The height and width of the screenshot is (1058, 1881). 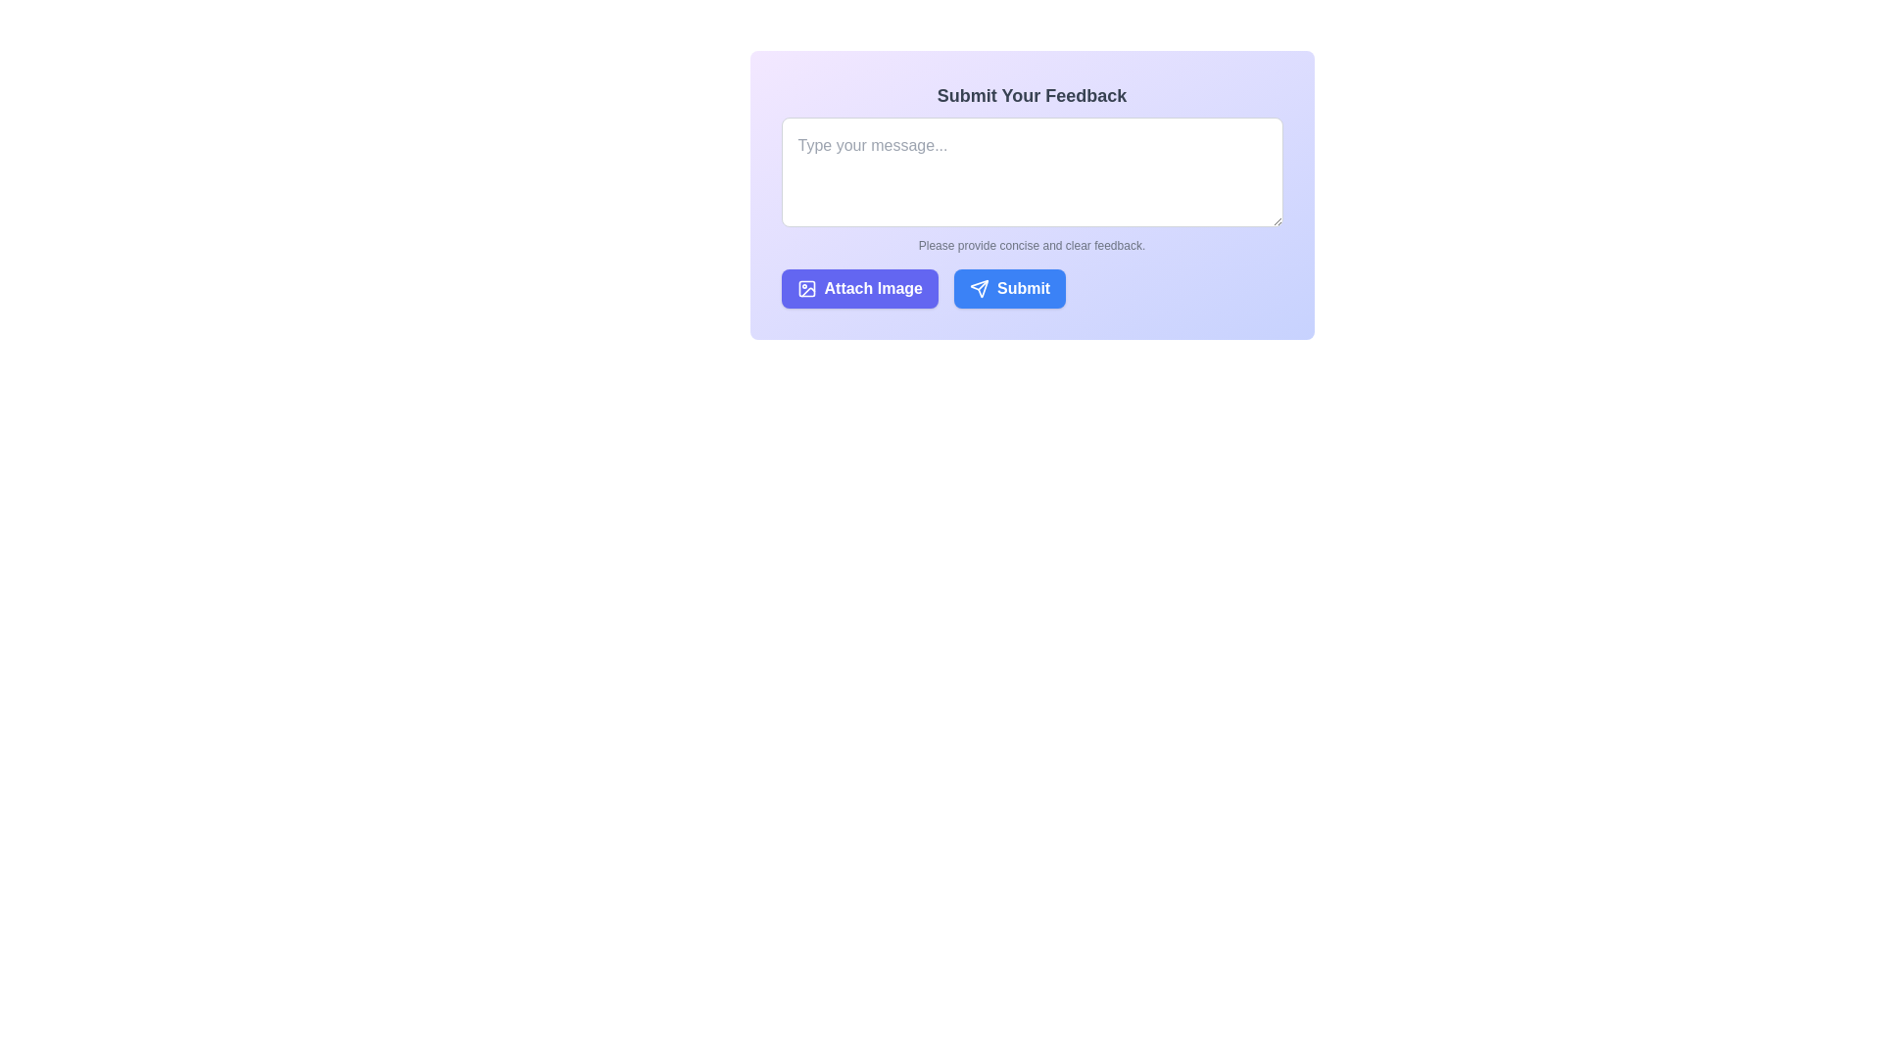 I want to click on the icon resembling a framed image with a circular shape inside, located to the left of the 'Attach Image' text in the button element at the bottom-left section of the form, so click(x=806, y=288).